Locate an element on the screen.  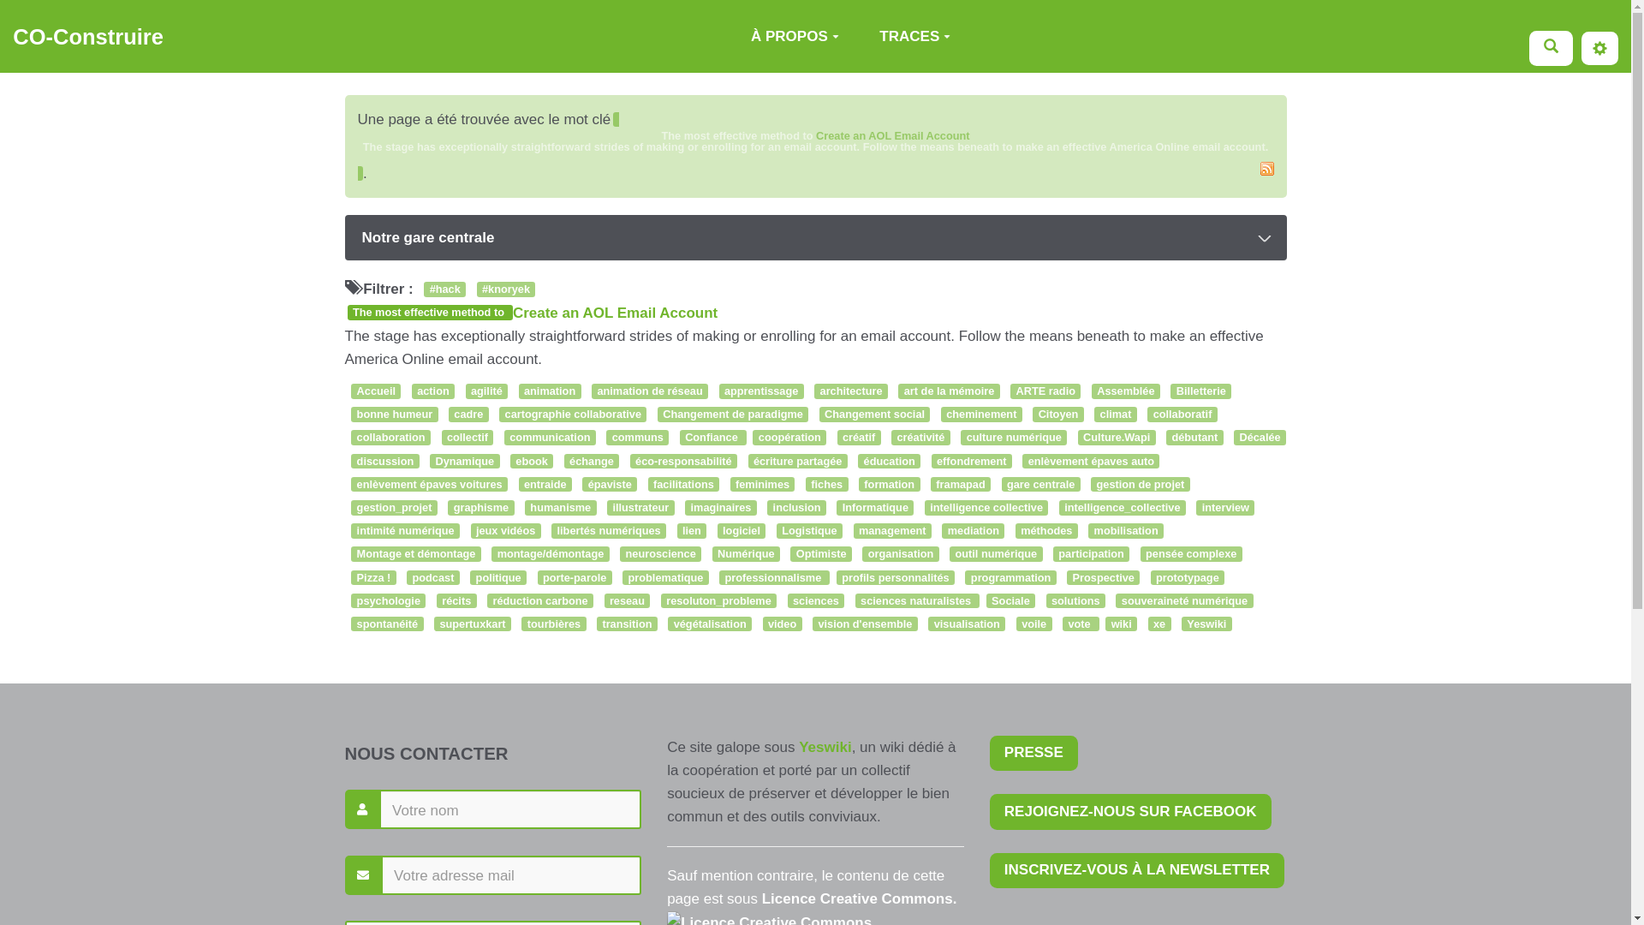
'CO-Construire' is located at coordinates (0, 36).